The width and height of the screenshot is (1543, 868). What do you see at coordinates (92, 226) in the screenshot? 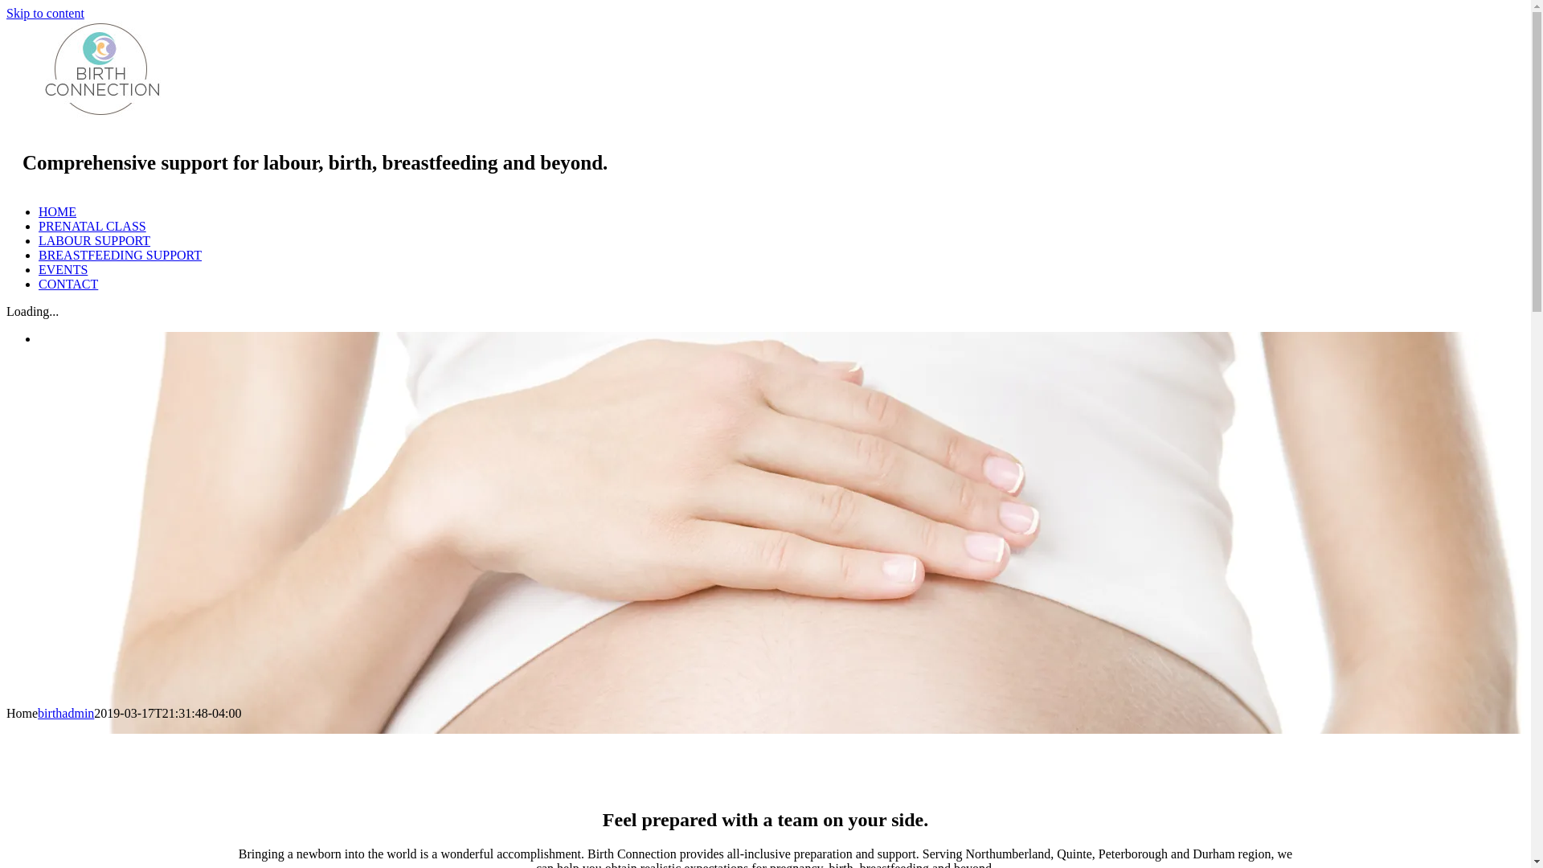
I see `'PRENATAL CLASS'` at bounding box center [92, 226].